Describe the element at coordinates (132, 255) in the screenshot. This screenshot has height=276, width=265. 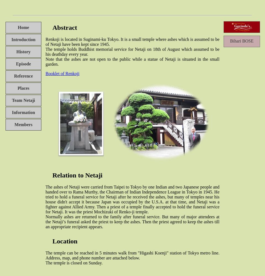
I see `'The temple can be reached in 5 minutes walk from "Higashi Koenji" station of Tokyo metro line.  Address, map, and phone number are attached below.'` at that location.